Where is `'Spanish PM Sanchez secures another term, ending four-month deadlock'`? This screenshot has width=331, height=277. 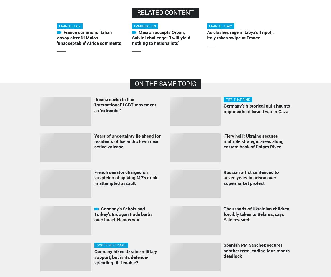 'Spanish PM Sanchez secures another term, ending four-month deadlock' is located at coordinates (257, 251).